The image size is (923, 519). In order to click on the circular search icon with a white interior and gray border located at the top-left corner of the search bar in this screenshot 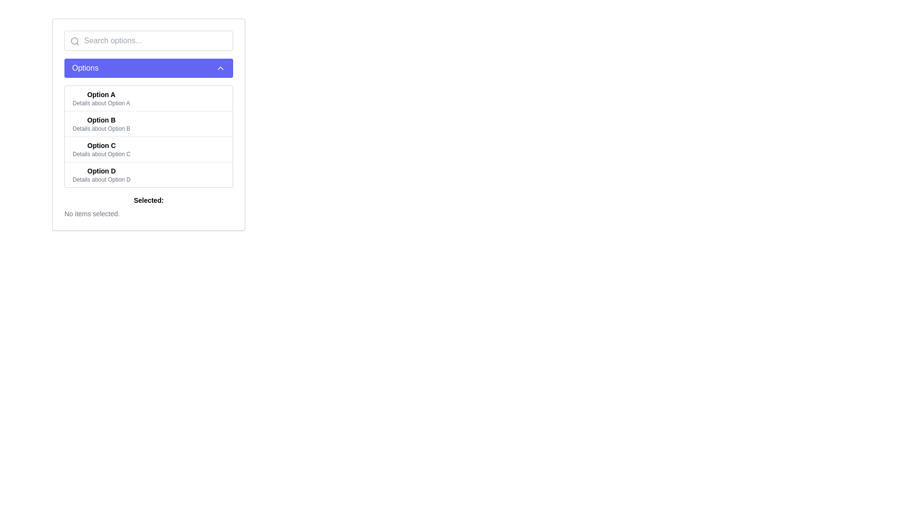, I will do `click(74, 40)`.